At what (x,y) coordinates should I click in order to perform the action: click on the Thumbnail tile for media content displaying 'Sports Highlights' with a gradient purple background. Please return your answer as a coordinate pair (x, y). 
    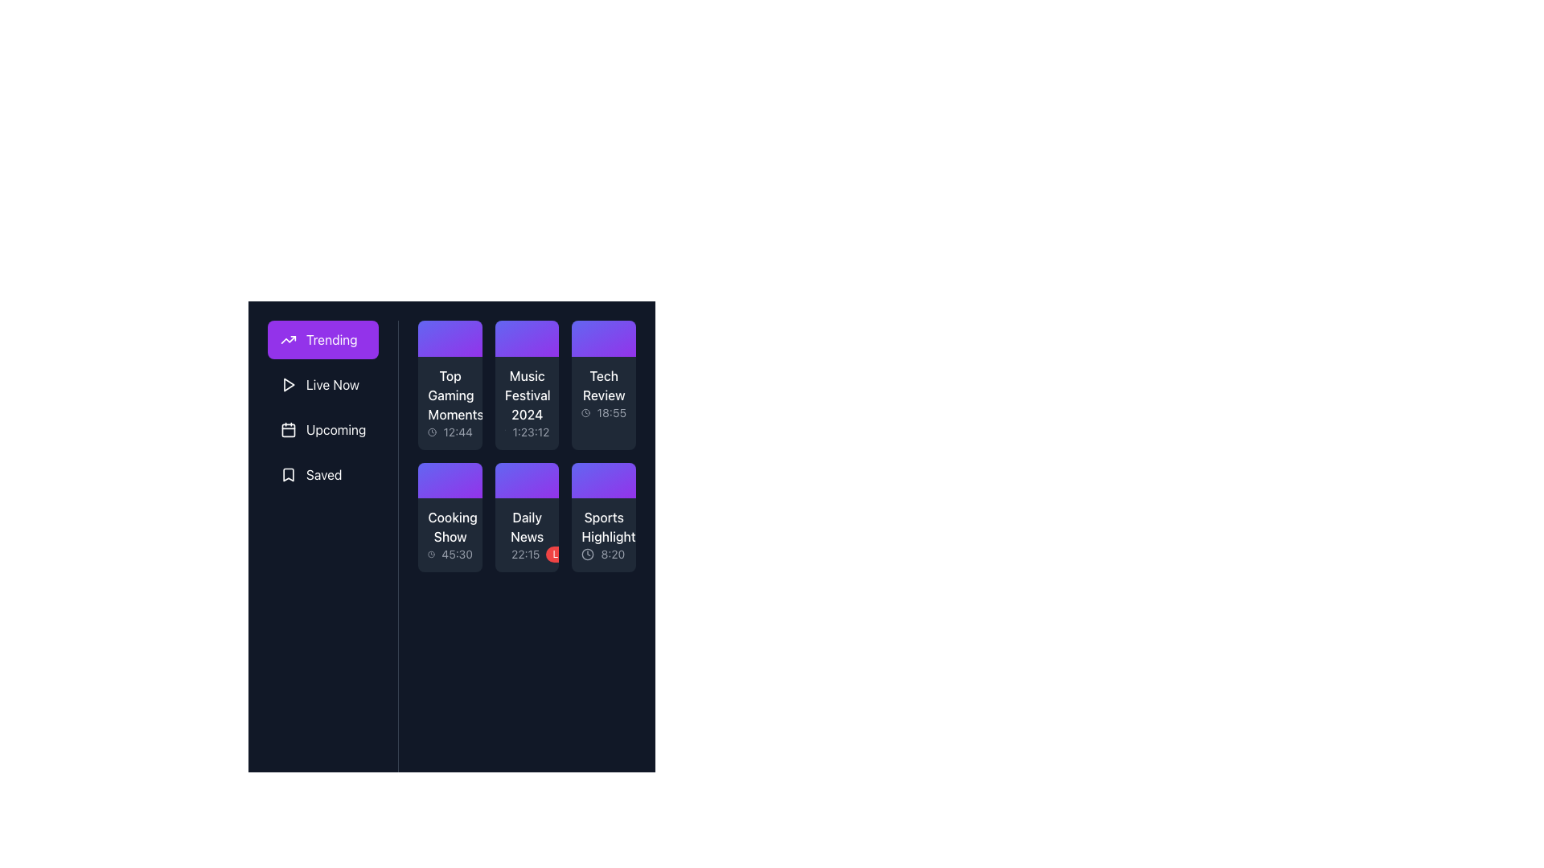
    Looking at the image, I should click on (603, 518).